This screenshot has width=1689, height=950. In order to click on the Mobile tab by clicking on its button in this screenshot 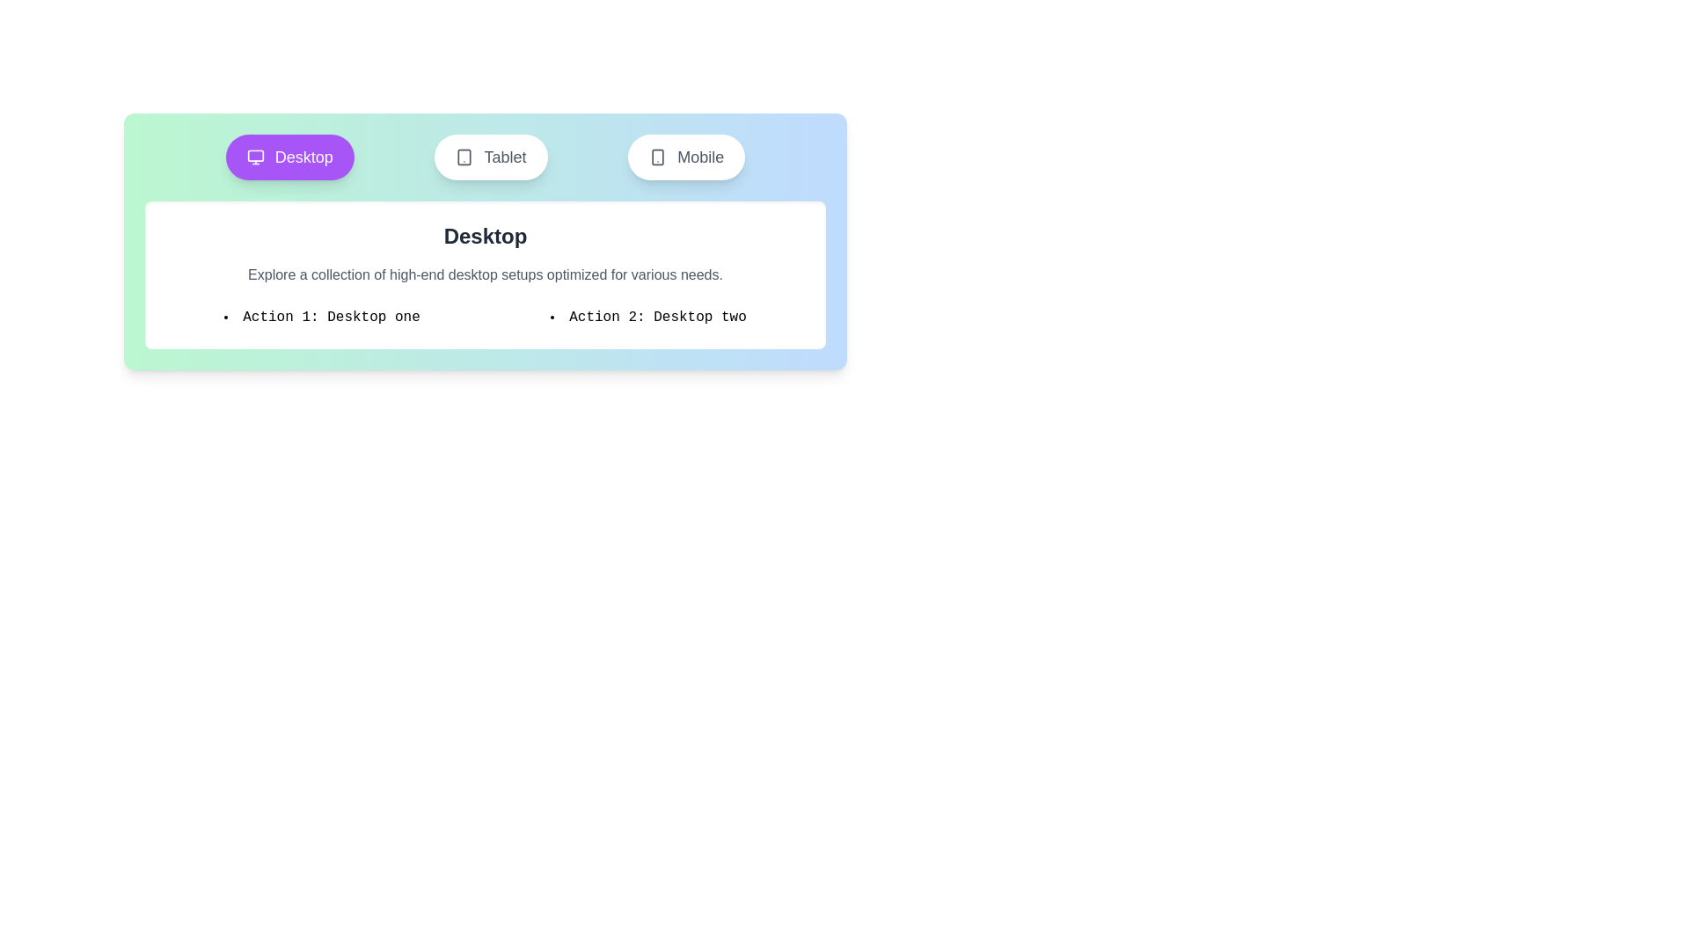, I will do `click(685, 156)`.